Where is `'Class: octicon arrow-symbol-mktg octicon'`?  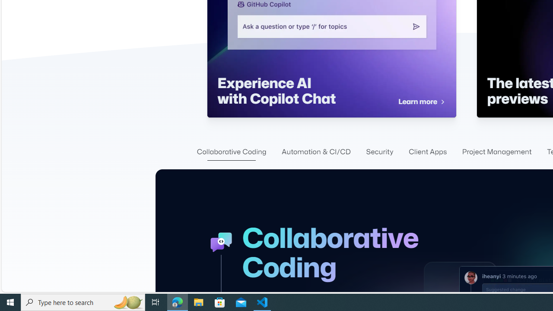
'Class: octicon arrow-symbol-mktg octicon' is located at coordinates (442, 102).